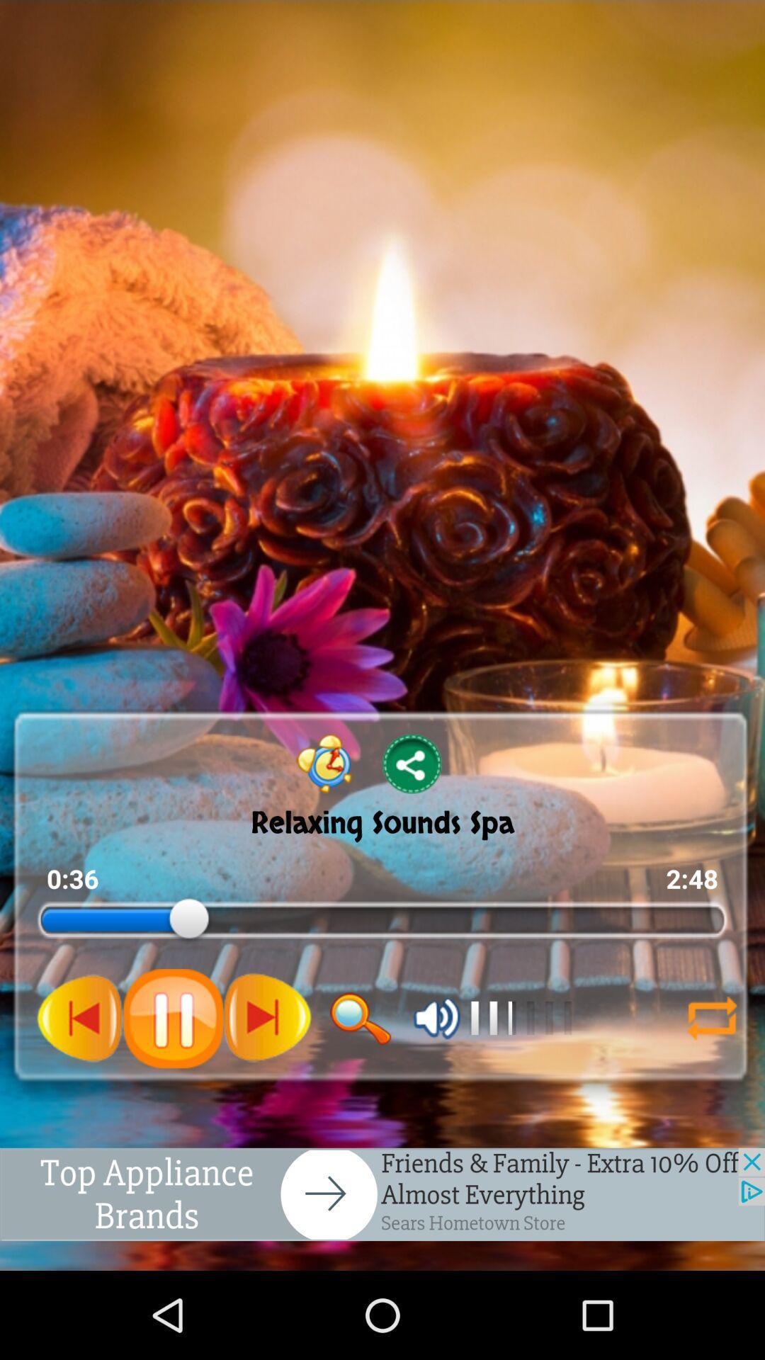  What do you see at coordinates (712, 1017) in the screenshot?
I see `internet option` at bounding box center [712, 1017].